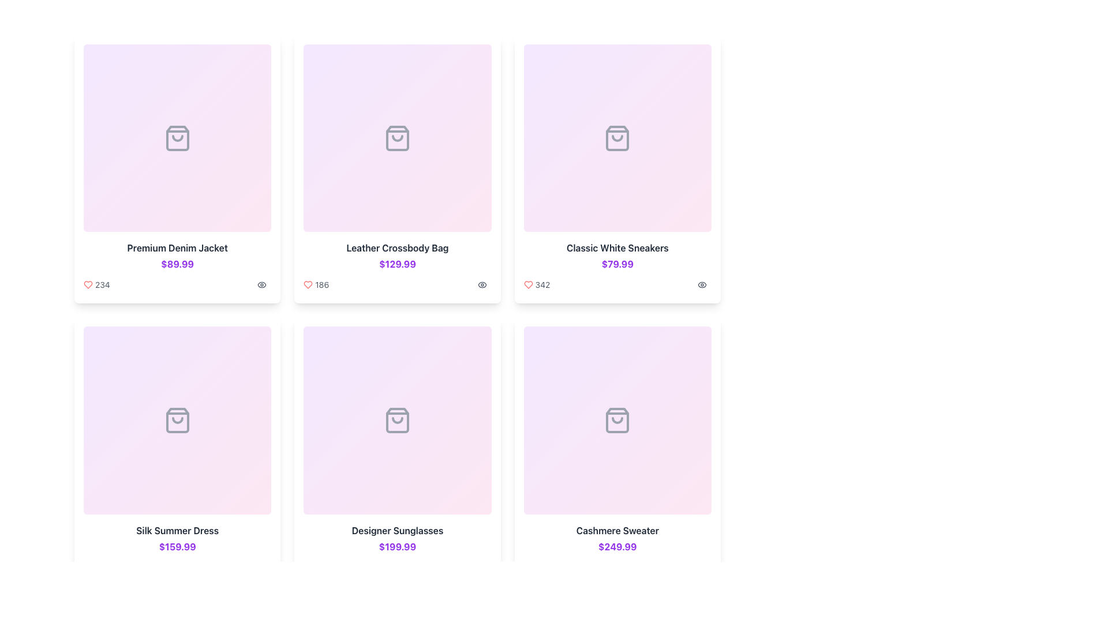 Image resolution: width=1108 pixels, height=623 pixels. What do you see at coordinates (322, 285) in the screenshot?
I see `number displayed in the text label showing '186', which is located in the middle column below the 'Leather Crossbody Bag' product card and next to a red heart icon` at bounding box center [322, 285].